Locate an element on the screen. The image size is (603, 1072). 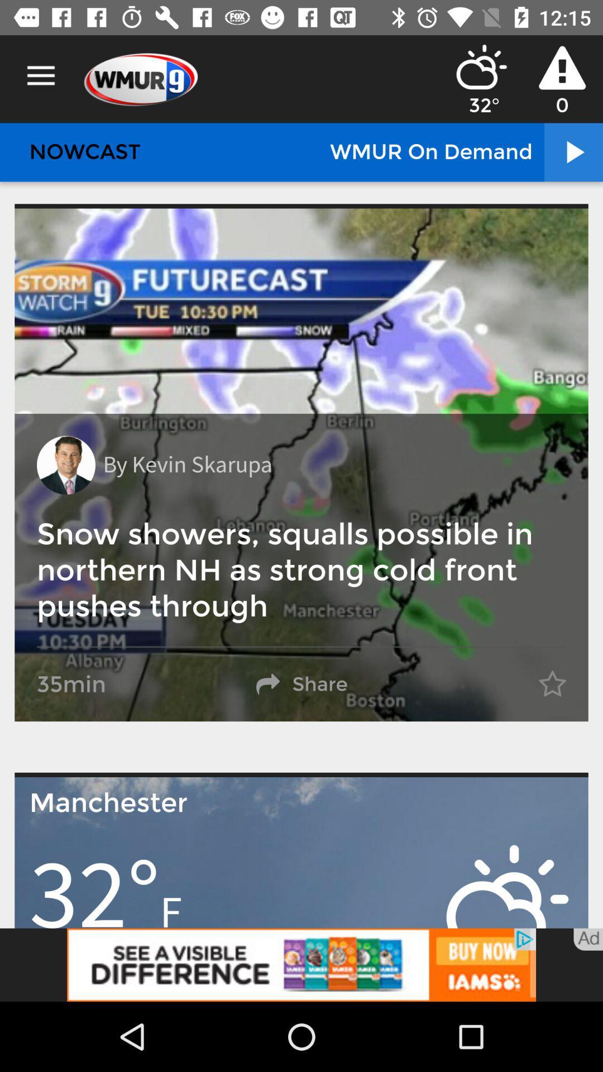
the menu icon is located at coordinates (40, 75).